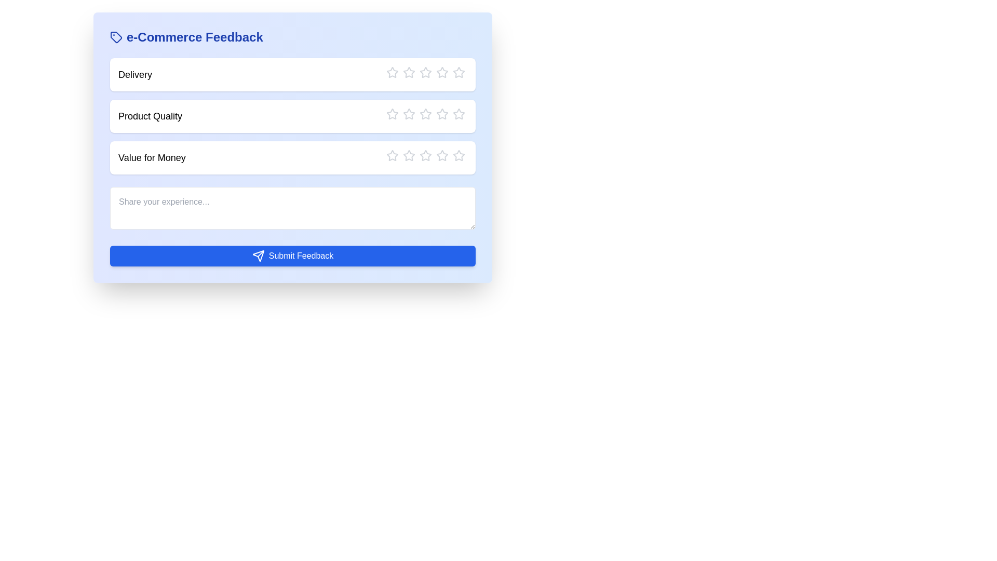 This screenshot has width=997, height=561. I want to click on the rating to 4 stars by clicking the corresponding star, so click(442, 72).